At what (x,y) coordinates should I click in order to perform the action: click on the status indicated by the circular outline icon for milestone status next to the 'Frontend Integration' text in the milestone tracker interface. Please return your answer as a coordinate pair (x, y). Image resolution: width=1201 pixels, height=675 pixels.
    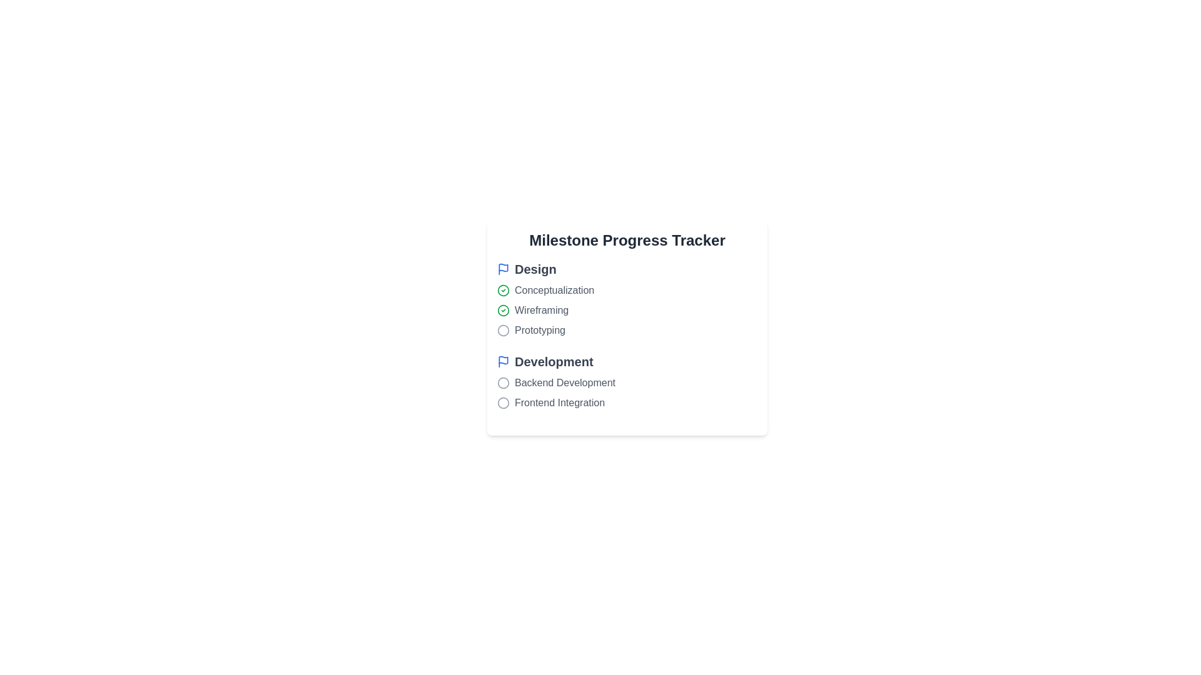
    Looking at the image, I should click on (504, 402).